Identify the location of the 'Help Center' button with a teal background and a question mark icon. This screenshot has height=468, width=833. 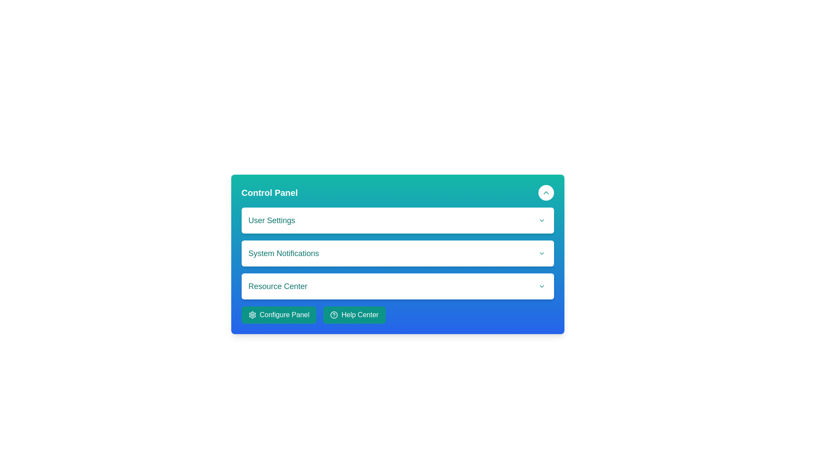
(354, 315).